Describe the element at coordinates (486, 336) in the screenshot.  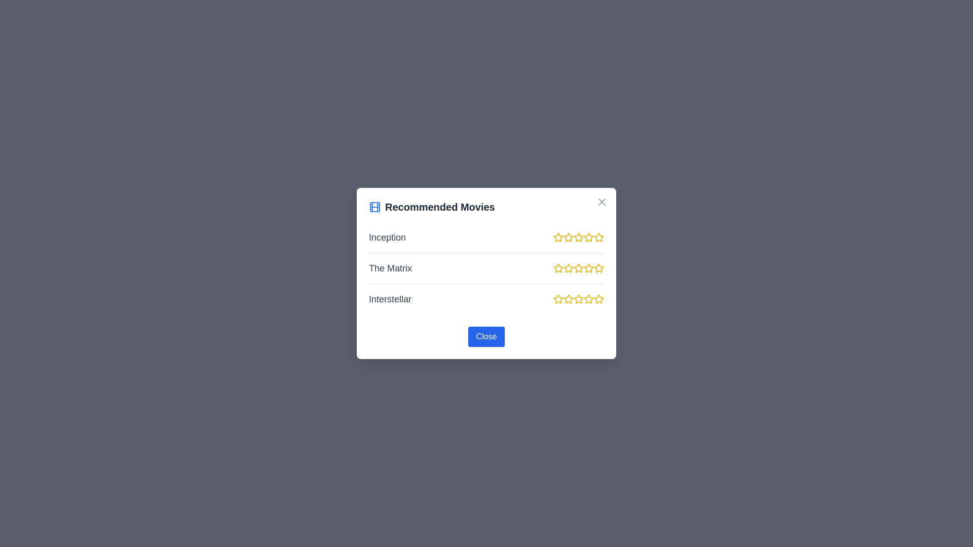
I see `the 'Close' button to close the dialog` at that location.